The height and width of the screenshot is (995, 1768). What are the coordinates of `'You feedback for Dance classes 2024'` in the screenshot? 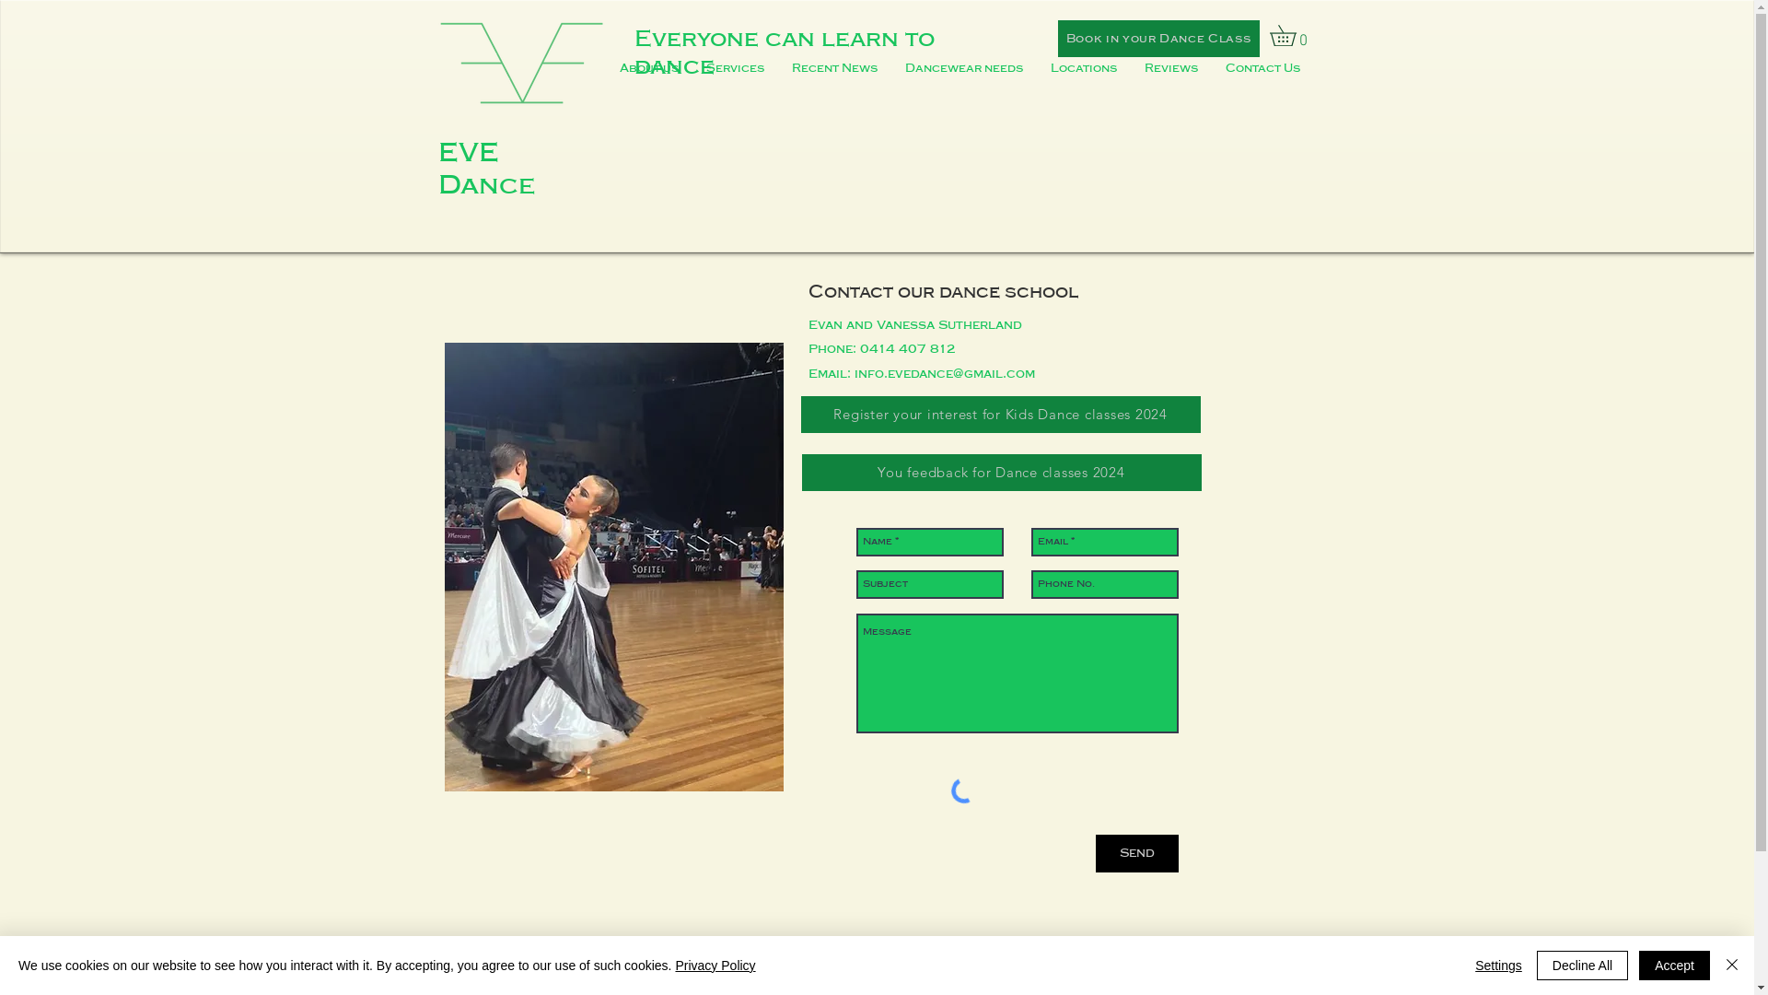 It's located at (999, 472).